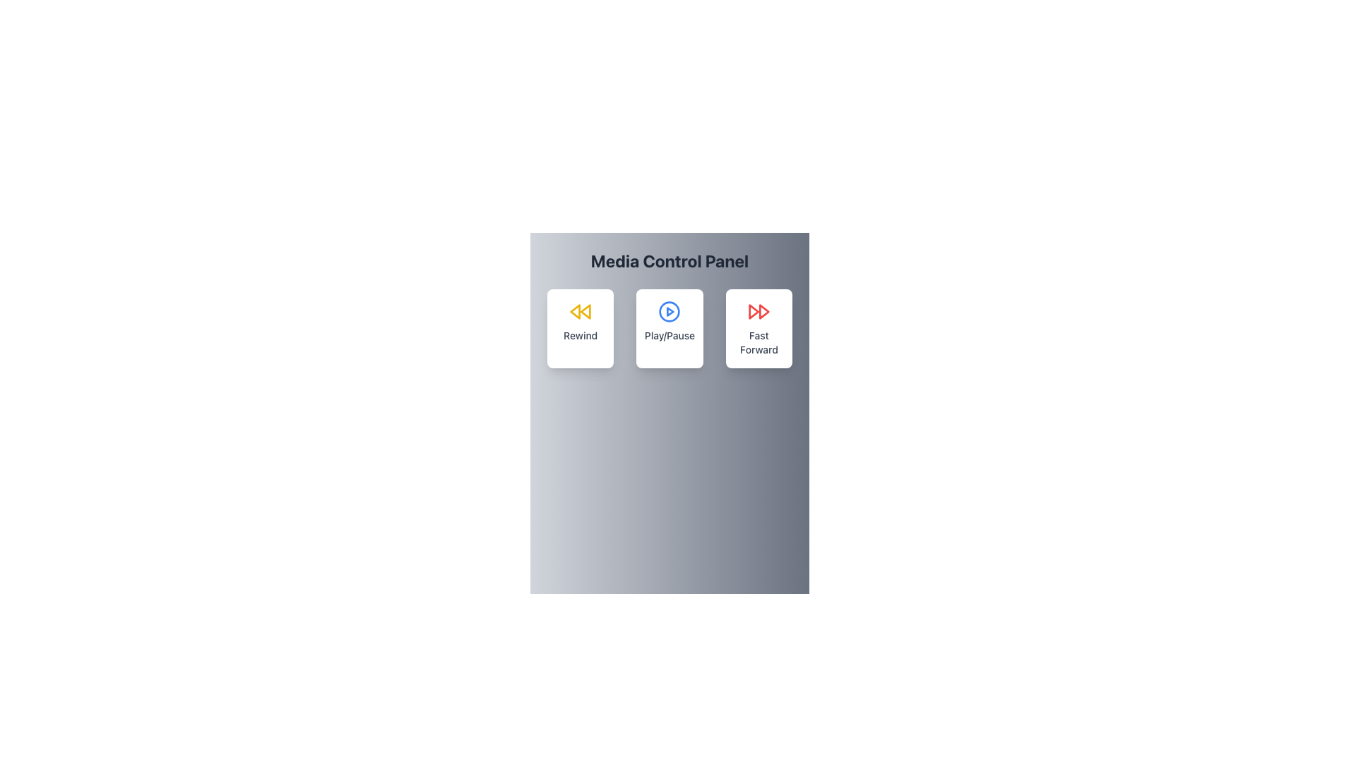  I want to click on the 'Rewind' text label, which is styled in a smaller font size and gray color, positioned below the icon of two backward arrows in the first card of a horizontally arranged group of three cards, so click(581, 335).